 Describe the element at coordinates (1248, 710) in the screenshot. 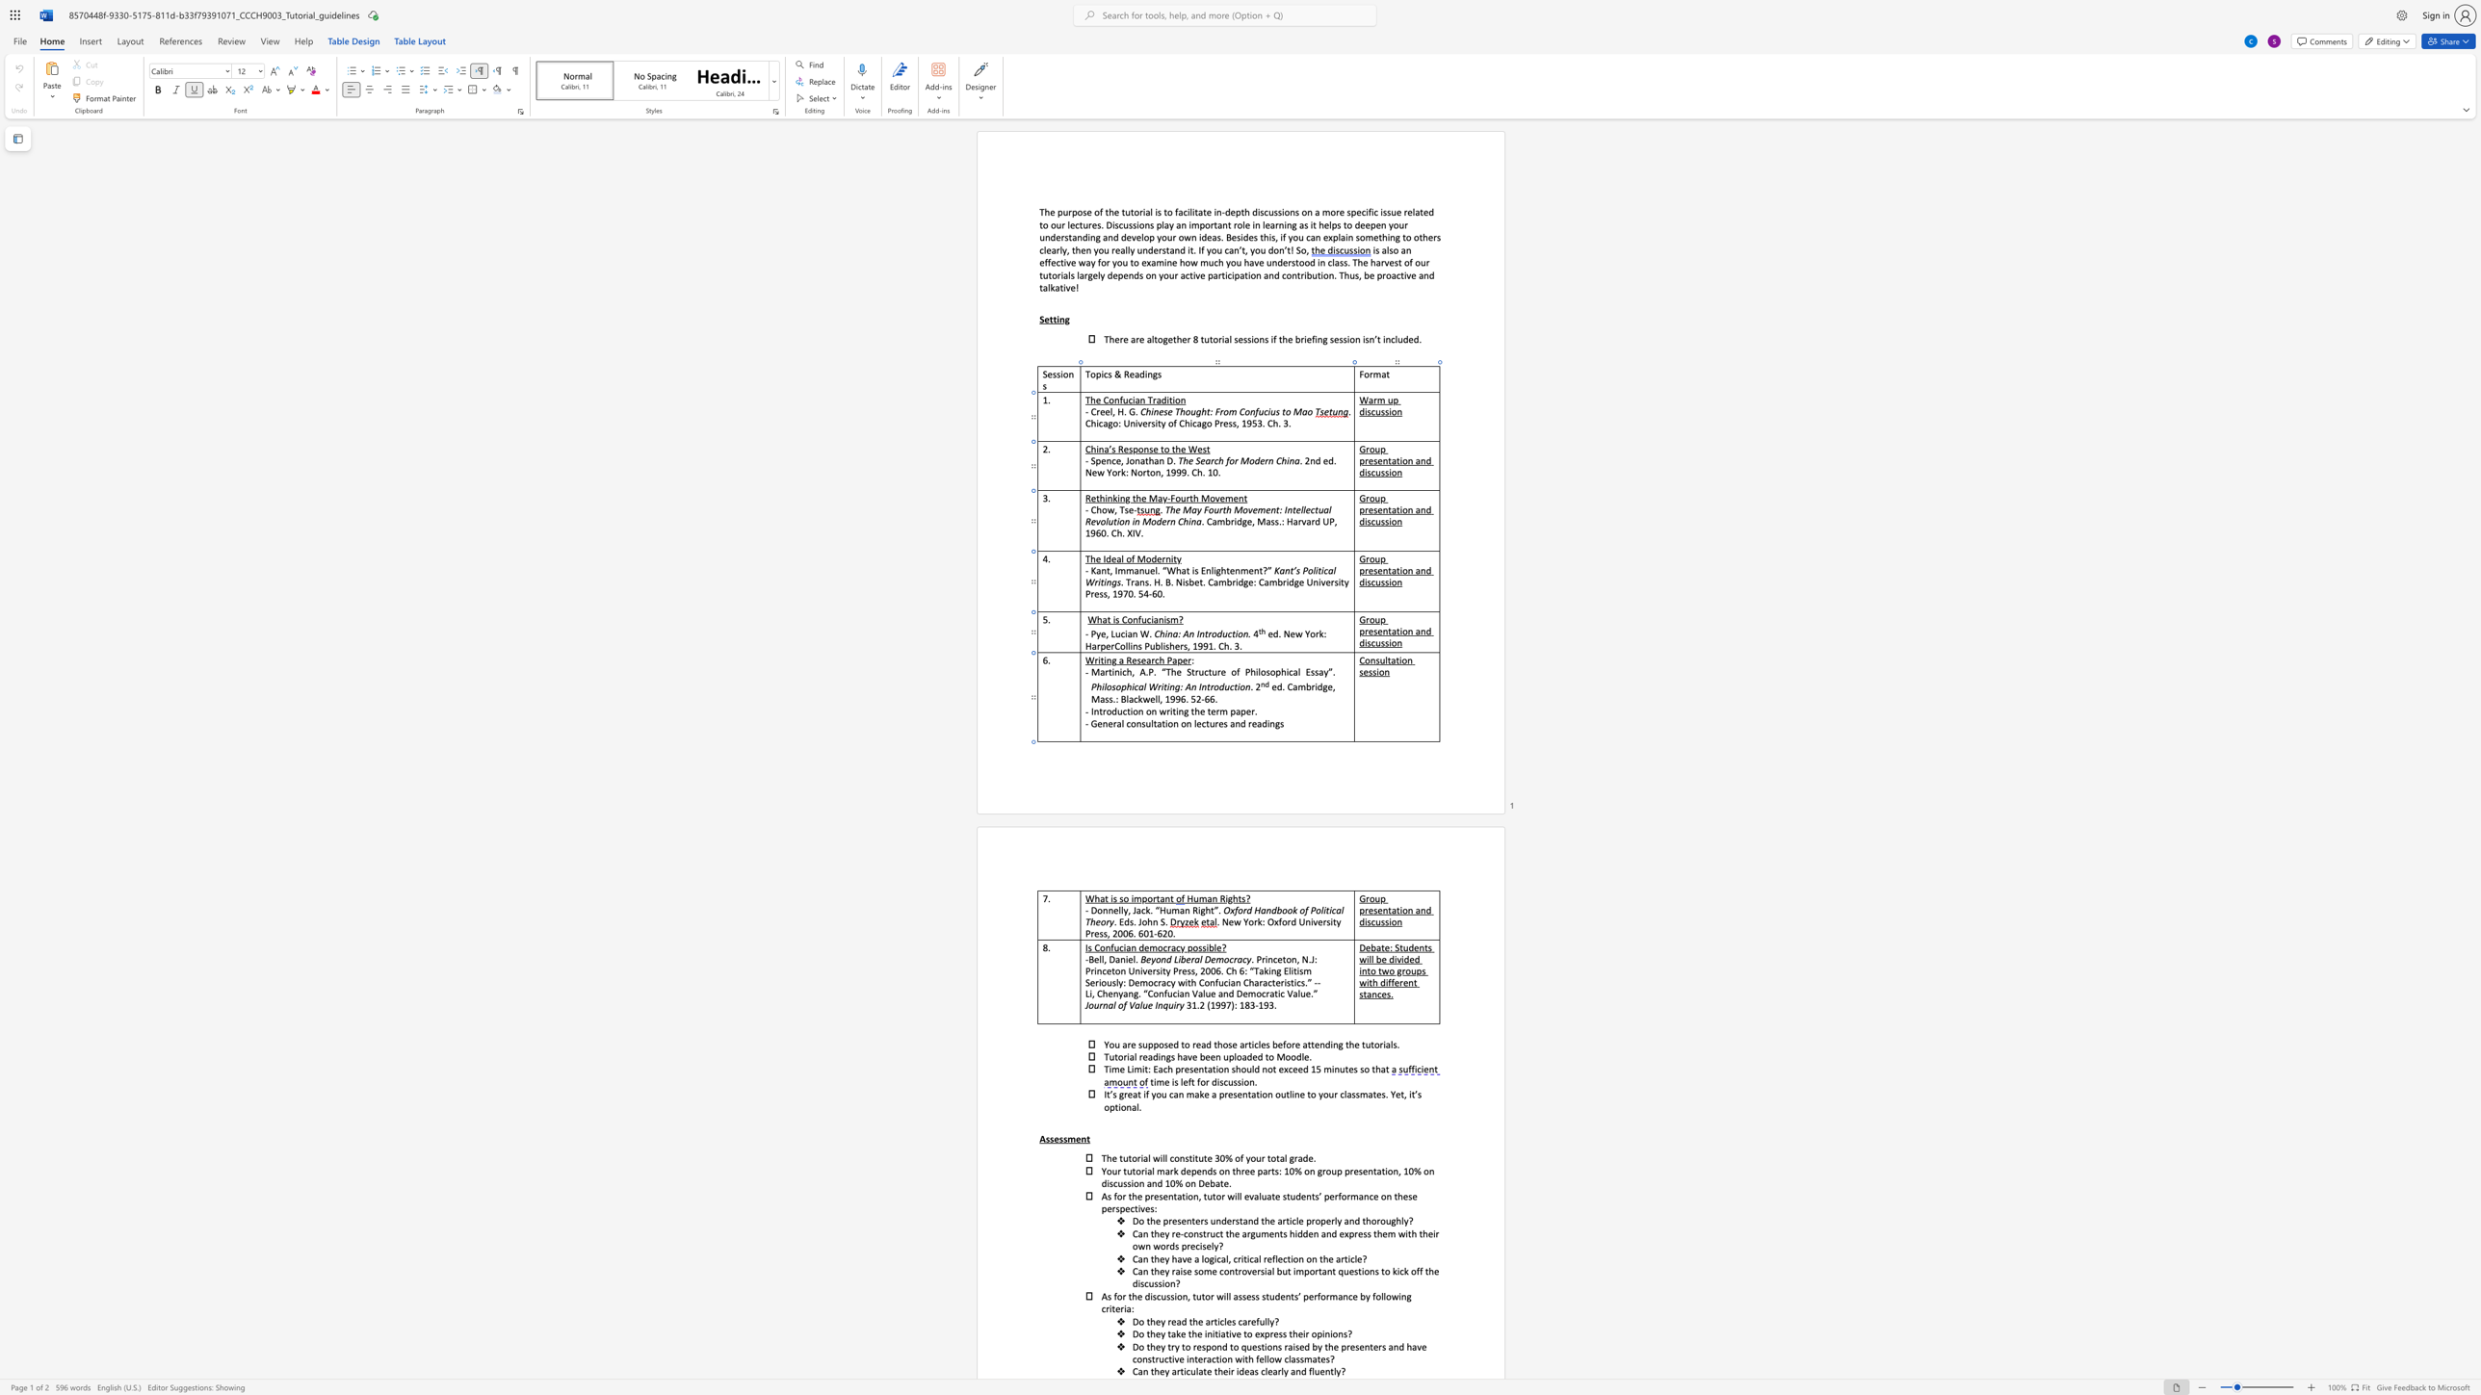

I see `the 3th character "e" in the text` at that location.